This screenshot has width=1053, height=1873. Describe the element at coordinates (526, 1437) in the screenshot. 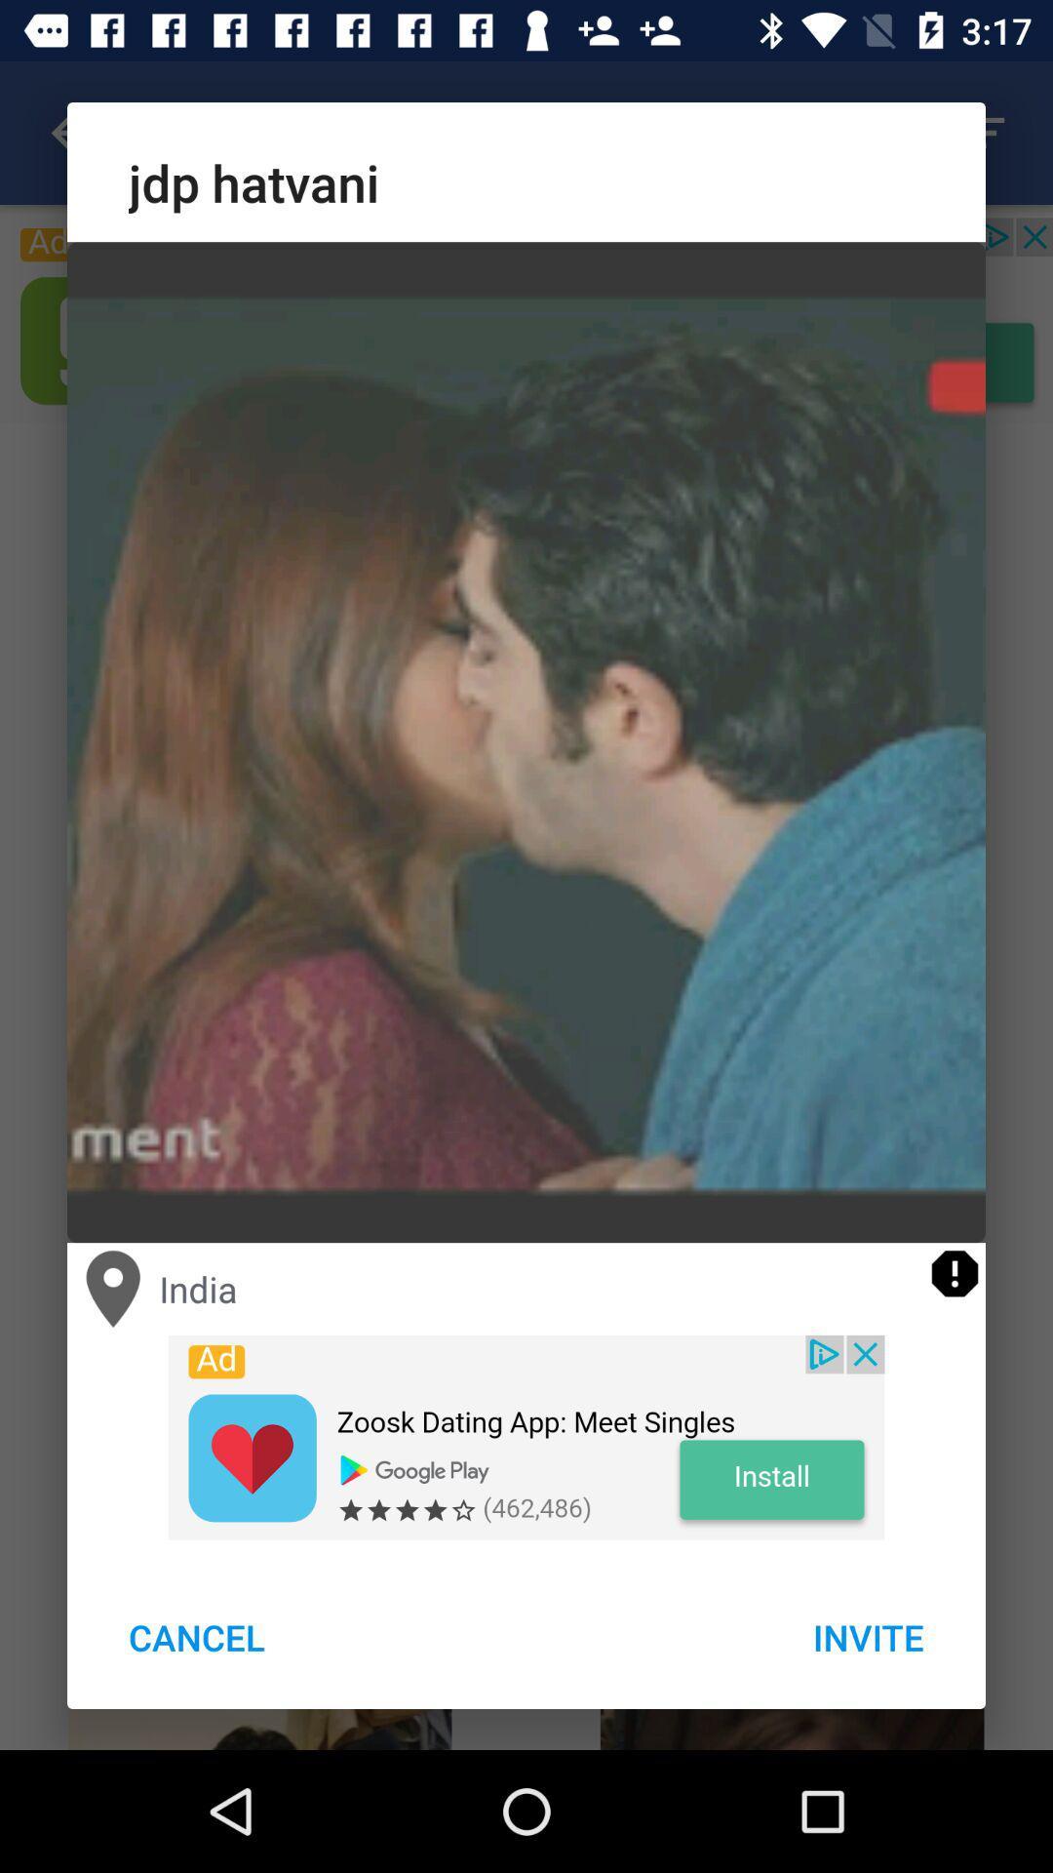

I see `click on zoosk dating advertisement` at that location.